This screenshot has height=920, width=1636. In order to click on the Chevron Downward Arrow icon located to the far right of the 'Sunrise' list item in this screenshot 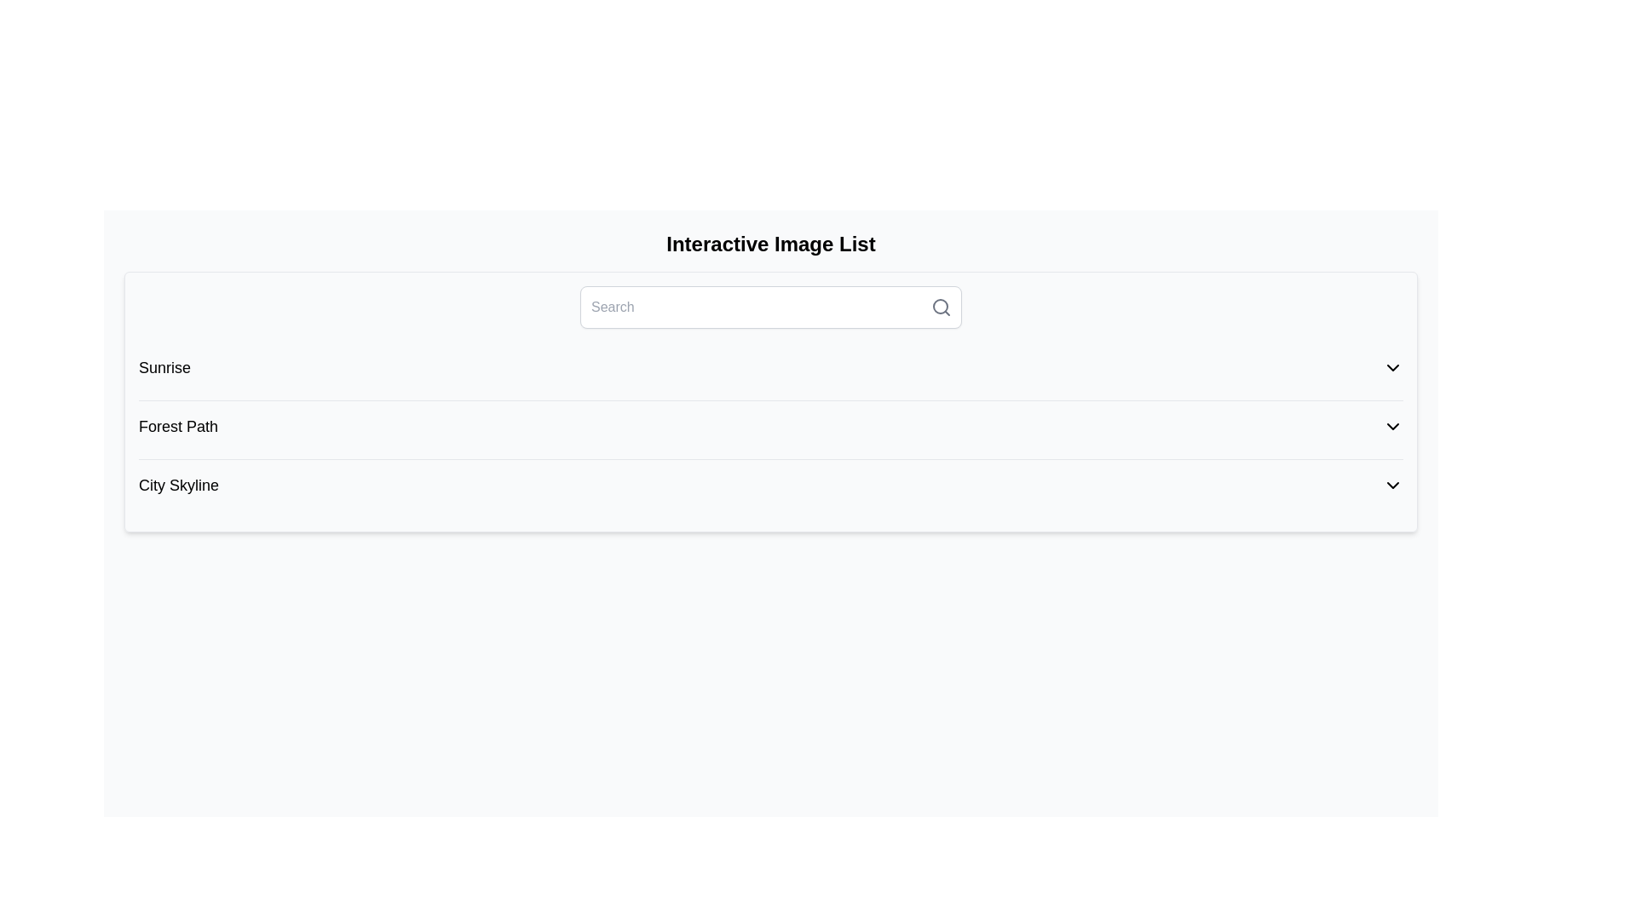, I will do `click(1393, 367)`.